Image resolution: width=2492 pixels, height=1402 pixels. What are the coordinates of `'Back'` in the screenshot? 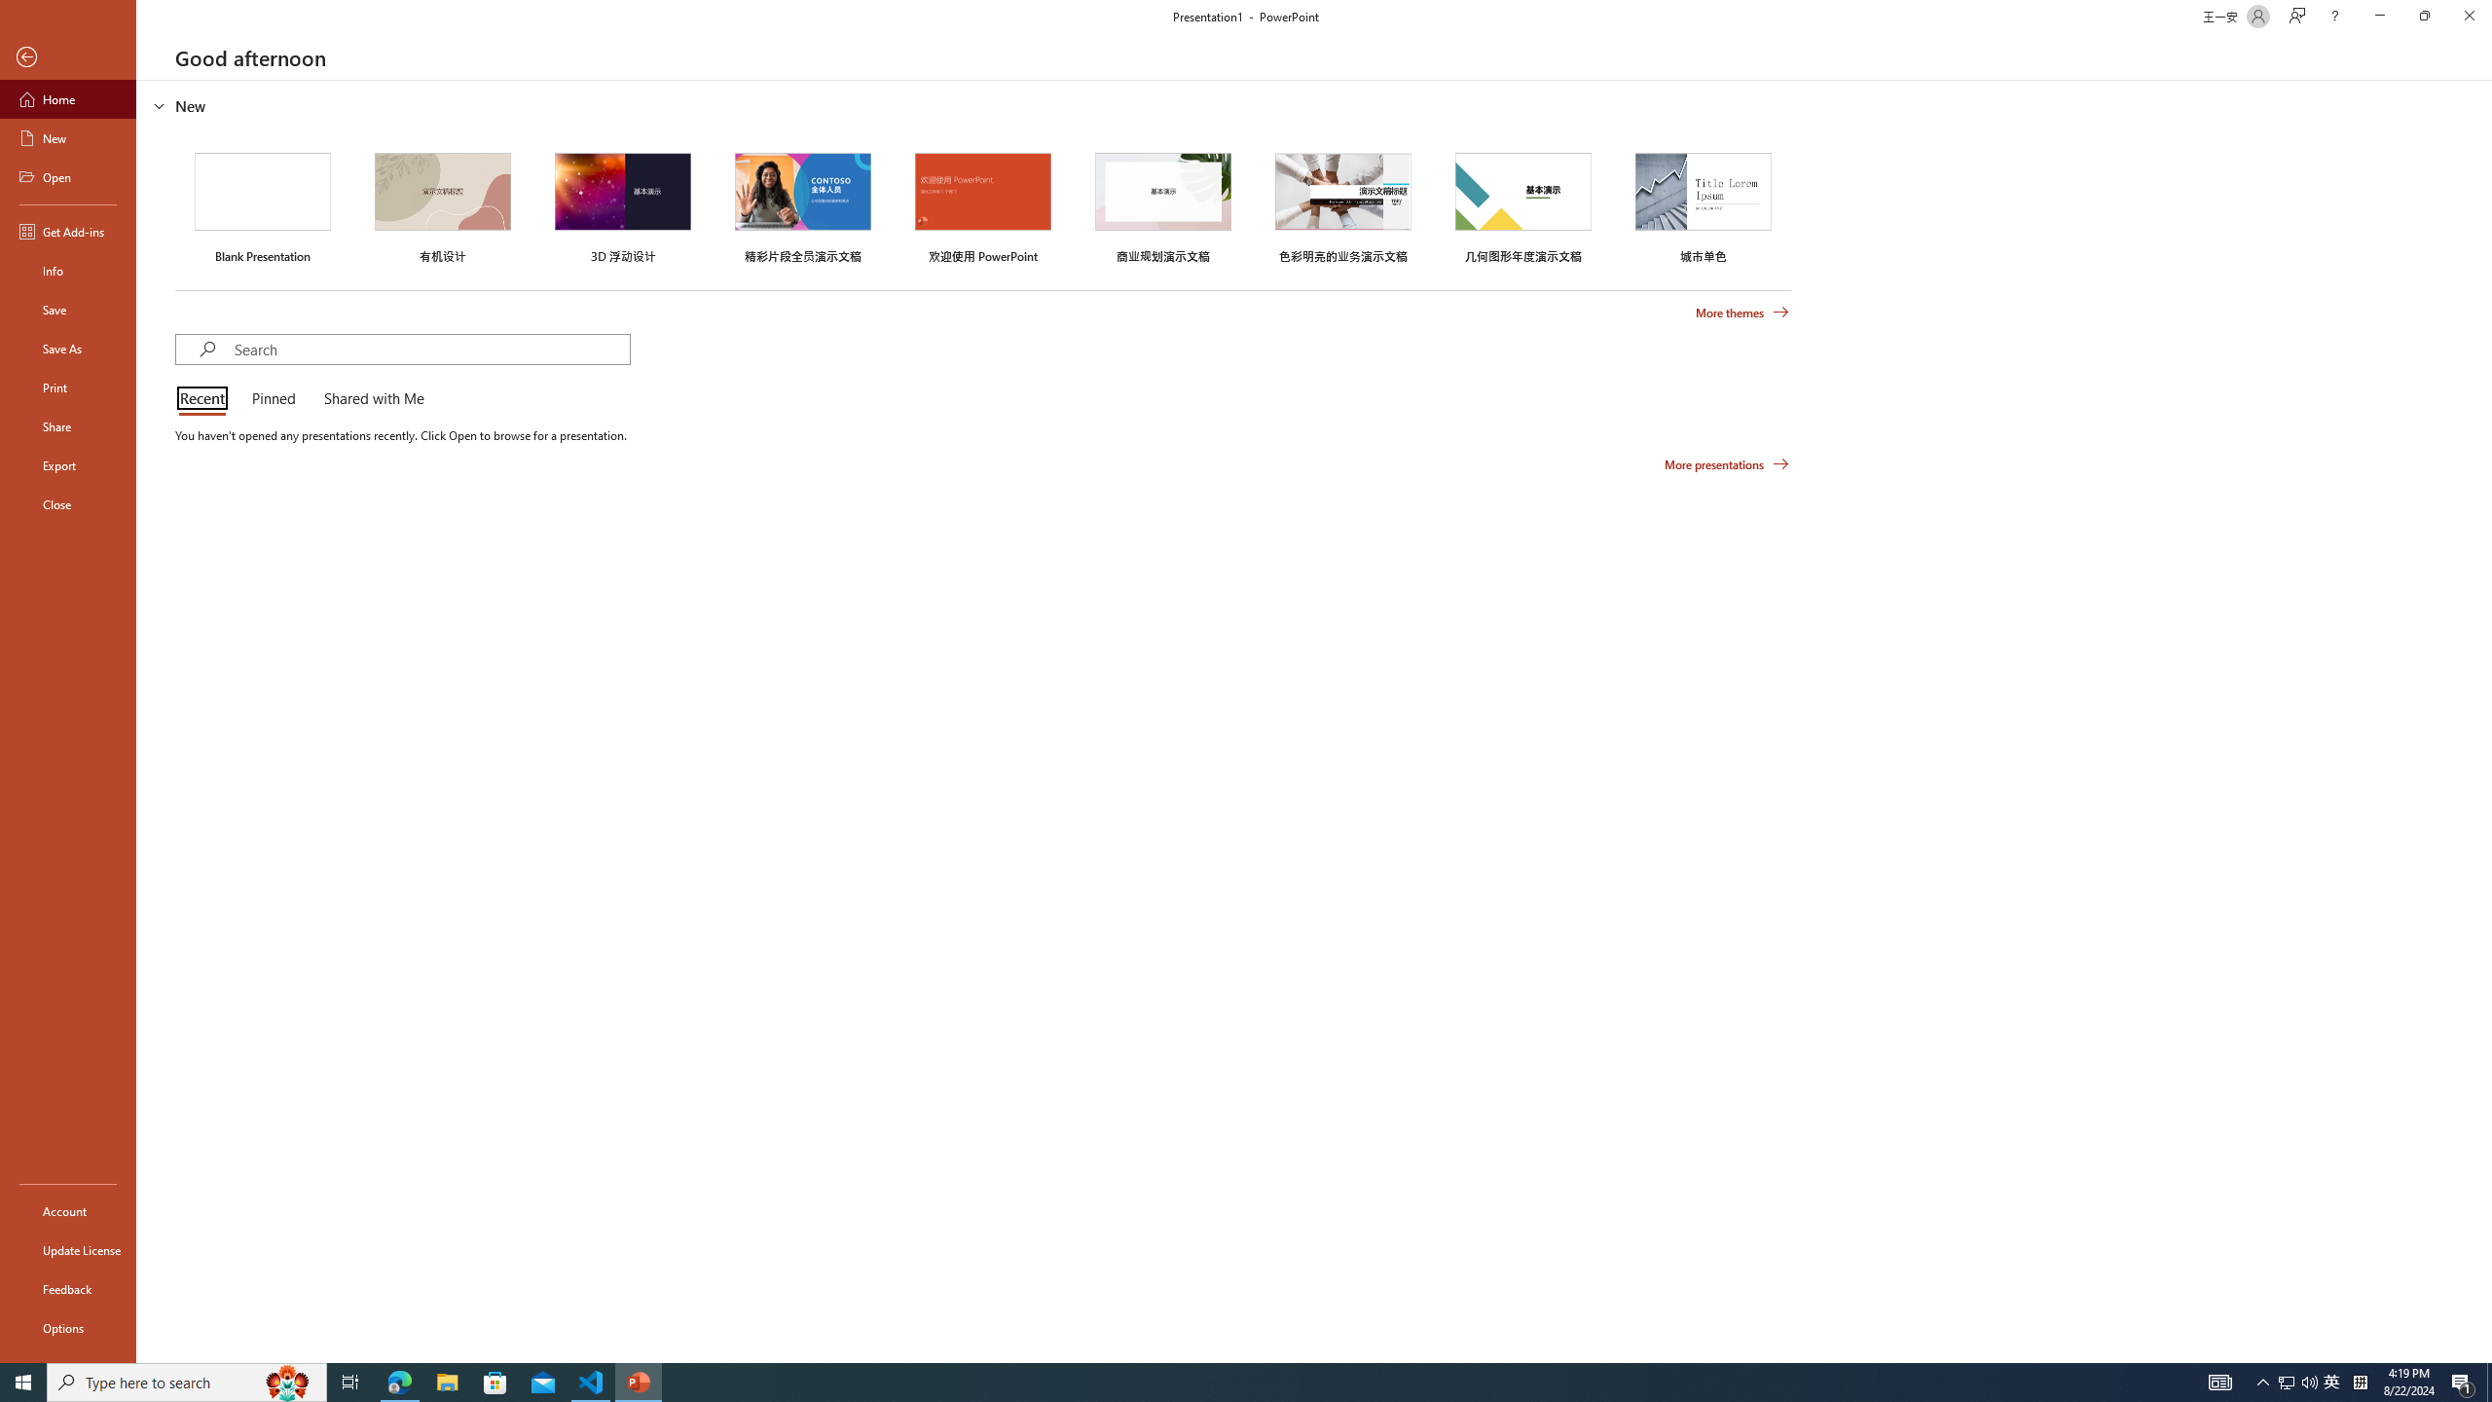 It's located at (67, 56).